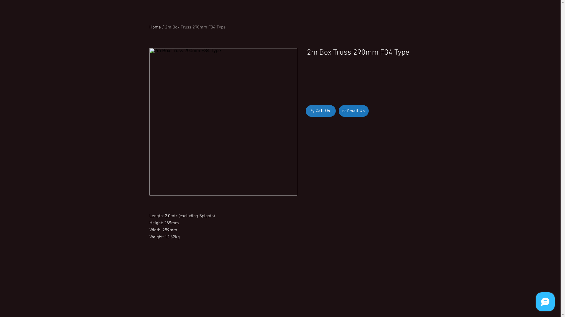 The height and width of the screenshot is (317, 565). What do you see at coordinates (338, 111) in the screenshot?
I see `'Email Us'` at bounding box center [338, 111].